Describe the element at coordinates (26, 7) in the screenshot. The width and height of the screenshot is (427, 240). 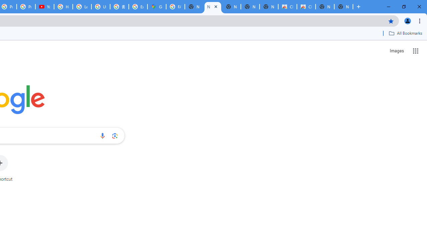
I see `'Privacy Checkup'` at that location.